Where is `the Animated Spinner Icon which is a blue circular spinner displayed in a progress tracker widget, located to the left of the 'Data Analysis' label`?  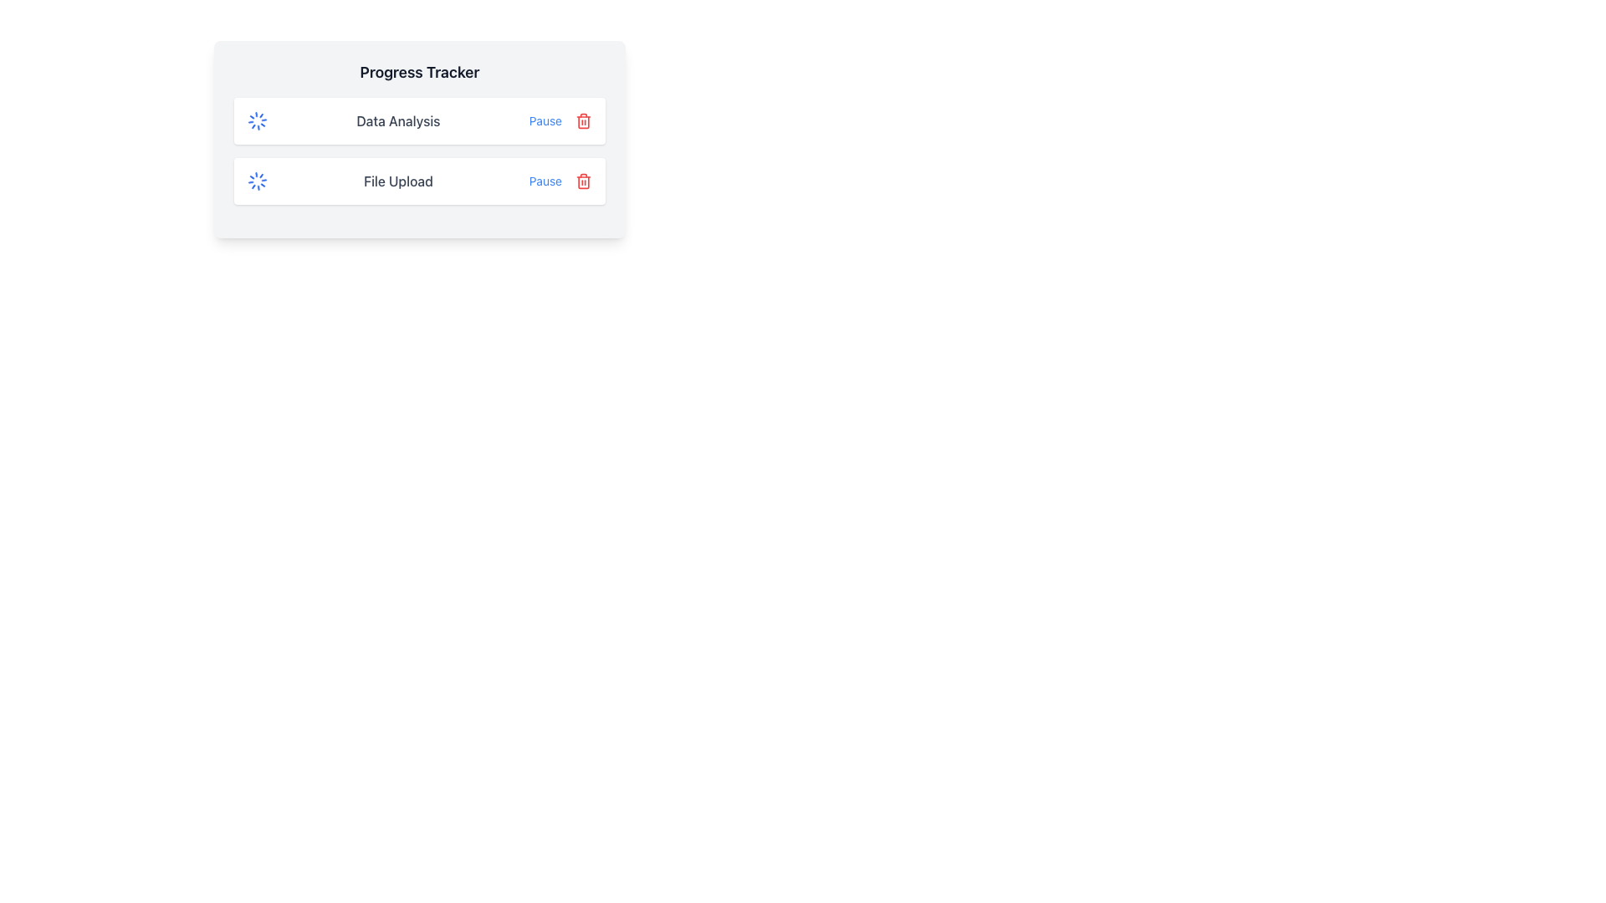 the Animated Spinner Icon which is a blue circular spinner displayed in a progress tracker widget, located to the left of the 'Data Analysis' label is located at coordinates (256, 120).